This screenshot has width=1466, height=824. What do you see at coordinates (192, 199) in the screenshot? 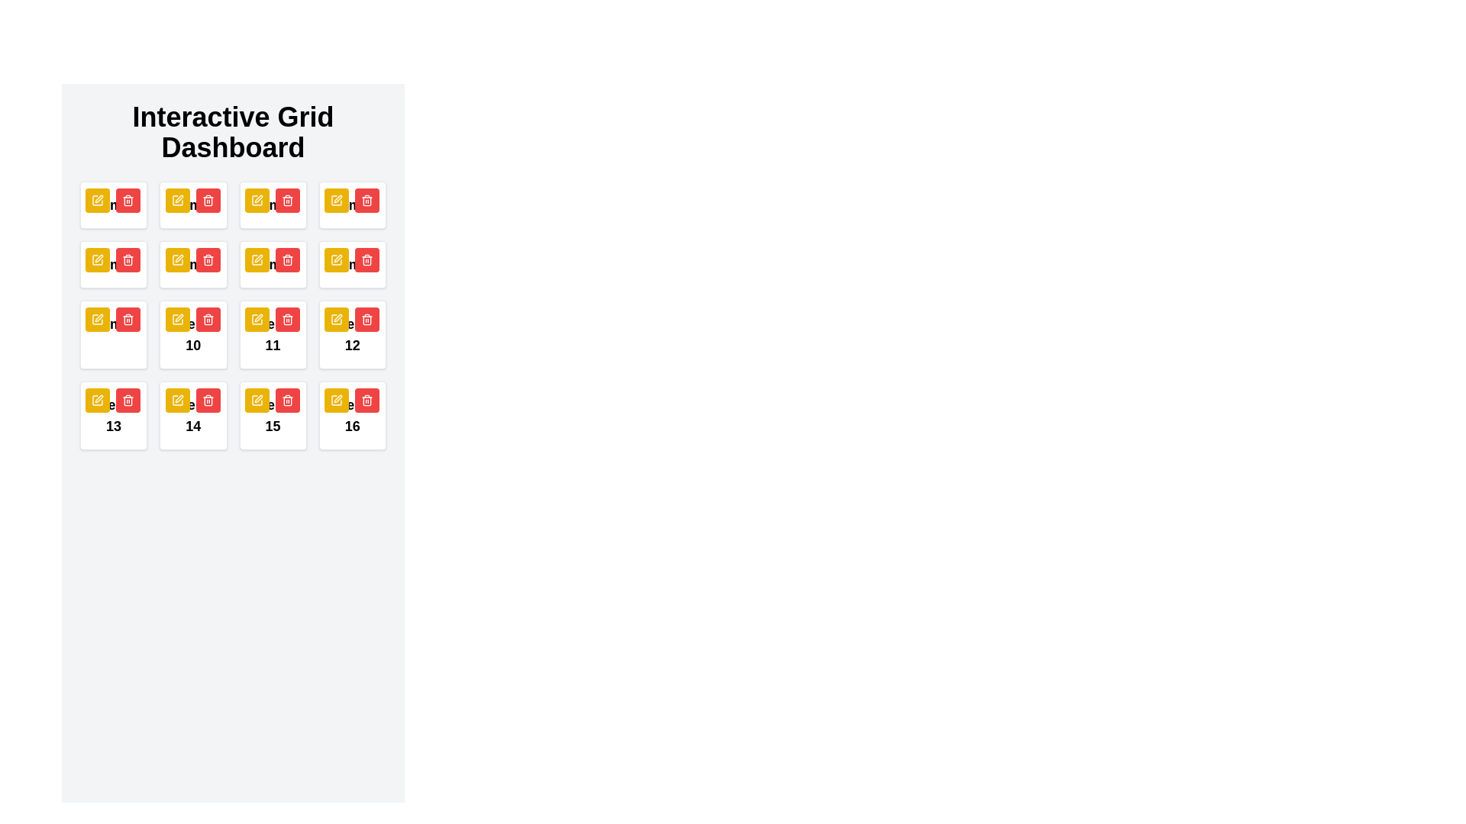
I see `the compound button group component containing the yellow edit button and the red delete button located in the top-right corner of the 'Item 2' block` at bounding box center [192, 199].